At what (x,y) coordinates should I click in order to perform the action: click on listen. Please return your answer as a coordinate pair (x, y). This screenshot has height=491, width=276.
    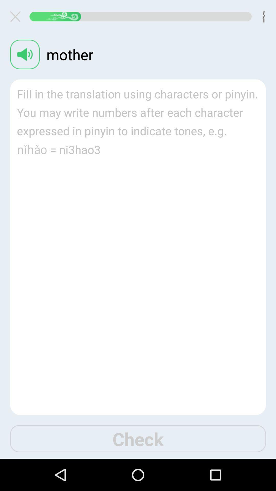
    Looking at the image, I should click on (25, 54).